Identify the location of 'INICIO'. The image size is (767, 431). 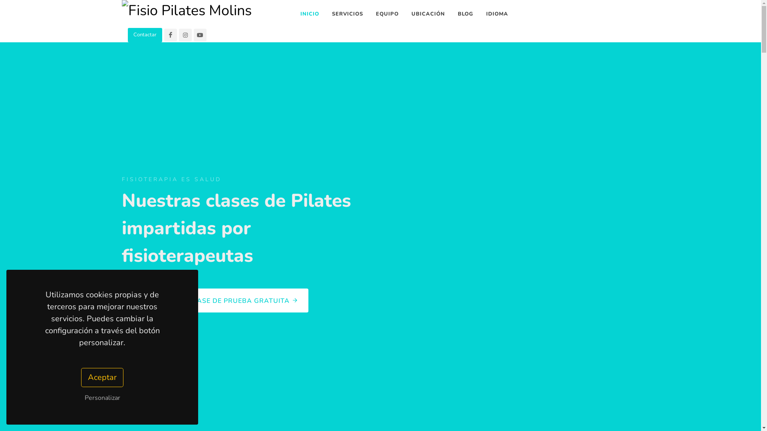
(309, 14).